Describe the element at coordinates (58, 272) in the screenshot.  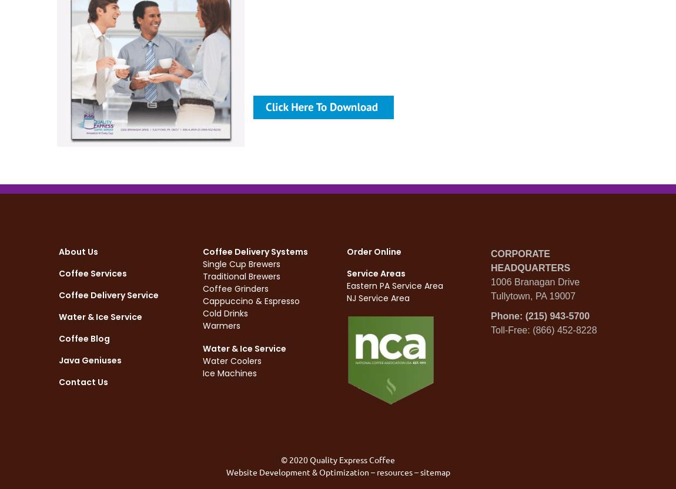
I see `'Coffee Services'` at that location.